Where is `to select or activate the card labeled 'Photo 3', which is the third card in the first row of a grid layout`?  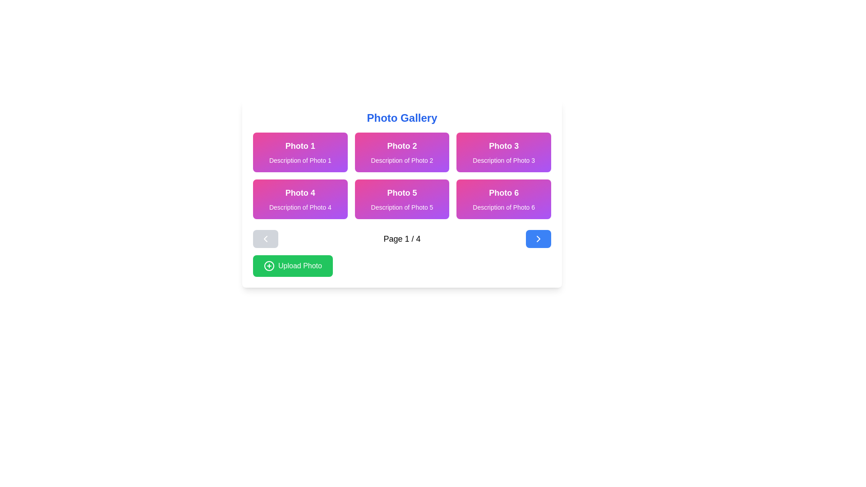
to select or activate the card labeled 'Photo 3', which is the third card in the first row of a grid layout is located at coordinates (503, 152).